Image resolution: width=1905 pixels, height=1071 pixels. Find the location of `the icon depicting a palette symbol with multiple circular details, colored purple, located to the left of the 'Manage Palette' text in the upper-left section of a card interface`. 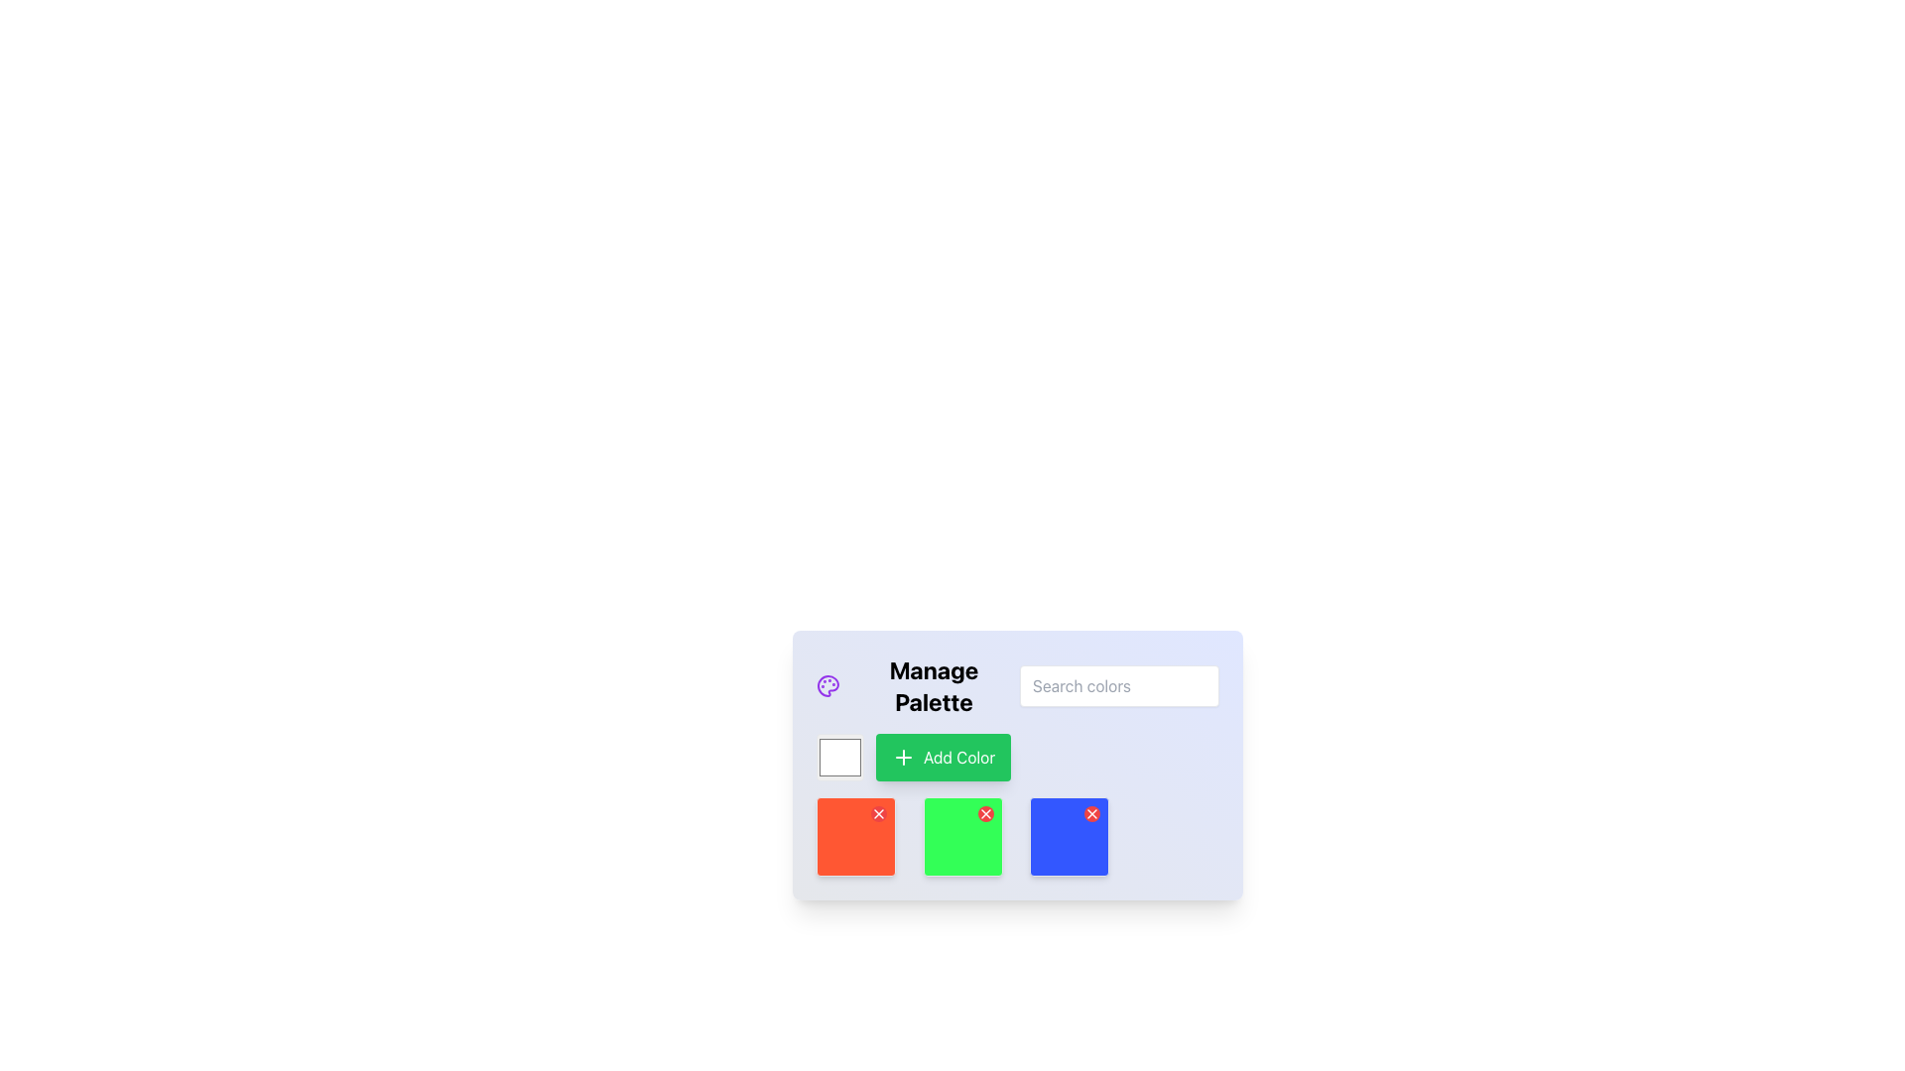

the icon depicting a palette symbol with multiple circular details, colored purple, located to the left of the 'Manage Palette' text in the upper-left section of a card interface is located at coordinates (828, 684).